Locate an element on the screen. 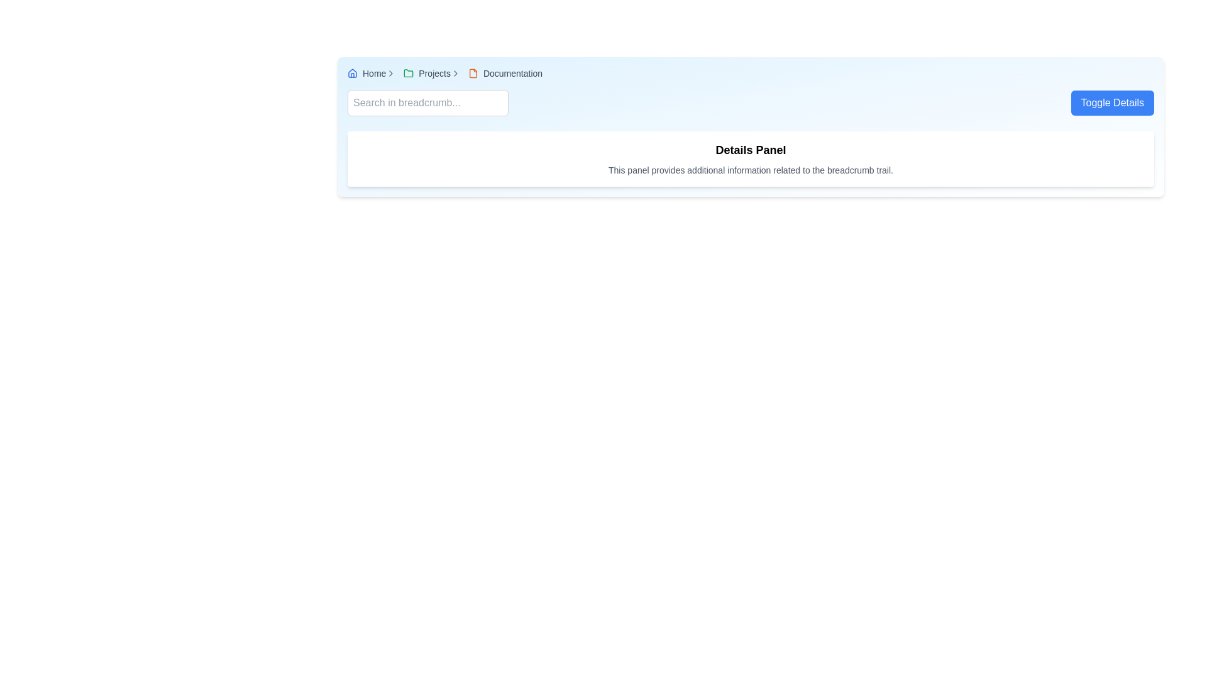  the 'Home' breadcrumb icon is located at coordinates (352, 73).